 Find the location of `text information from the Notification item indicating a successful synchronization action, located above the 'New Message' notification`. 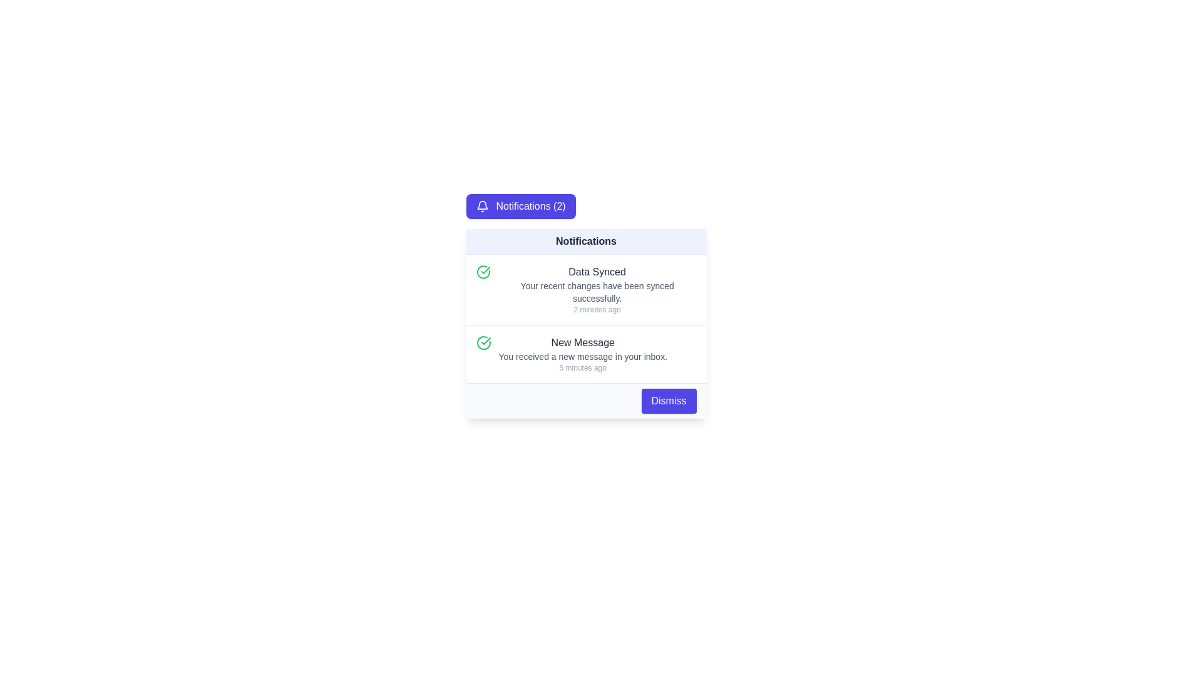

text information from the Notification item indicating a successful synchronization action, located above the 'New Message' notification is located at coordinates (585, 289).